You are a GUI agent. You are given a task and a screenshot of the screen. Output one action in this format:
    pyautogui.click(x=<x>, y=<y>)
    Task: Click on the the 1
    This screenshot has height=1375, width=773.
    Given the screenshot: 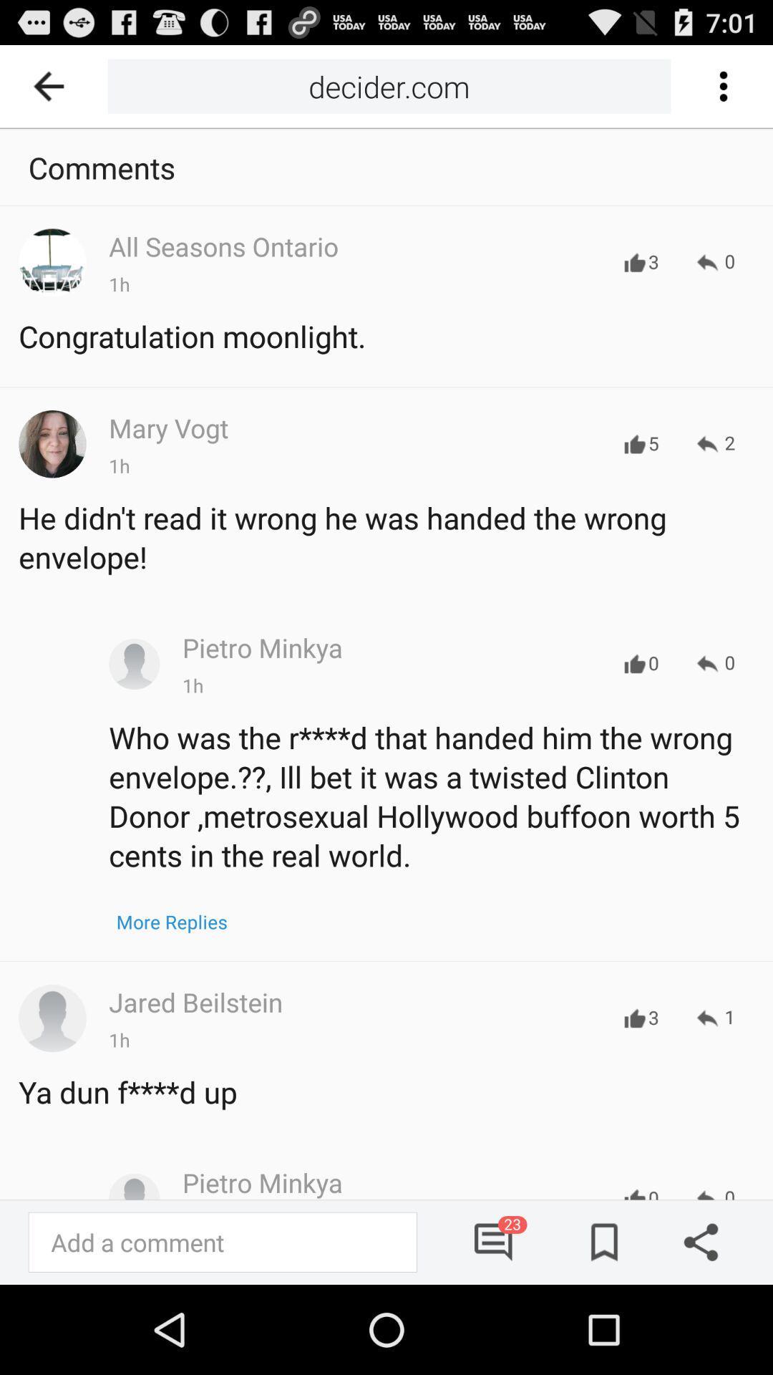 What is the action you would take?
    pyautogui.click(x=716, y=1017)
    